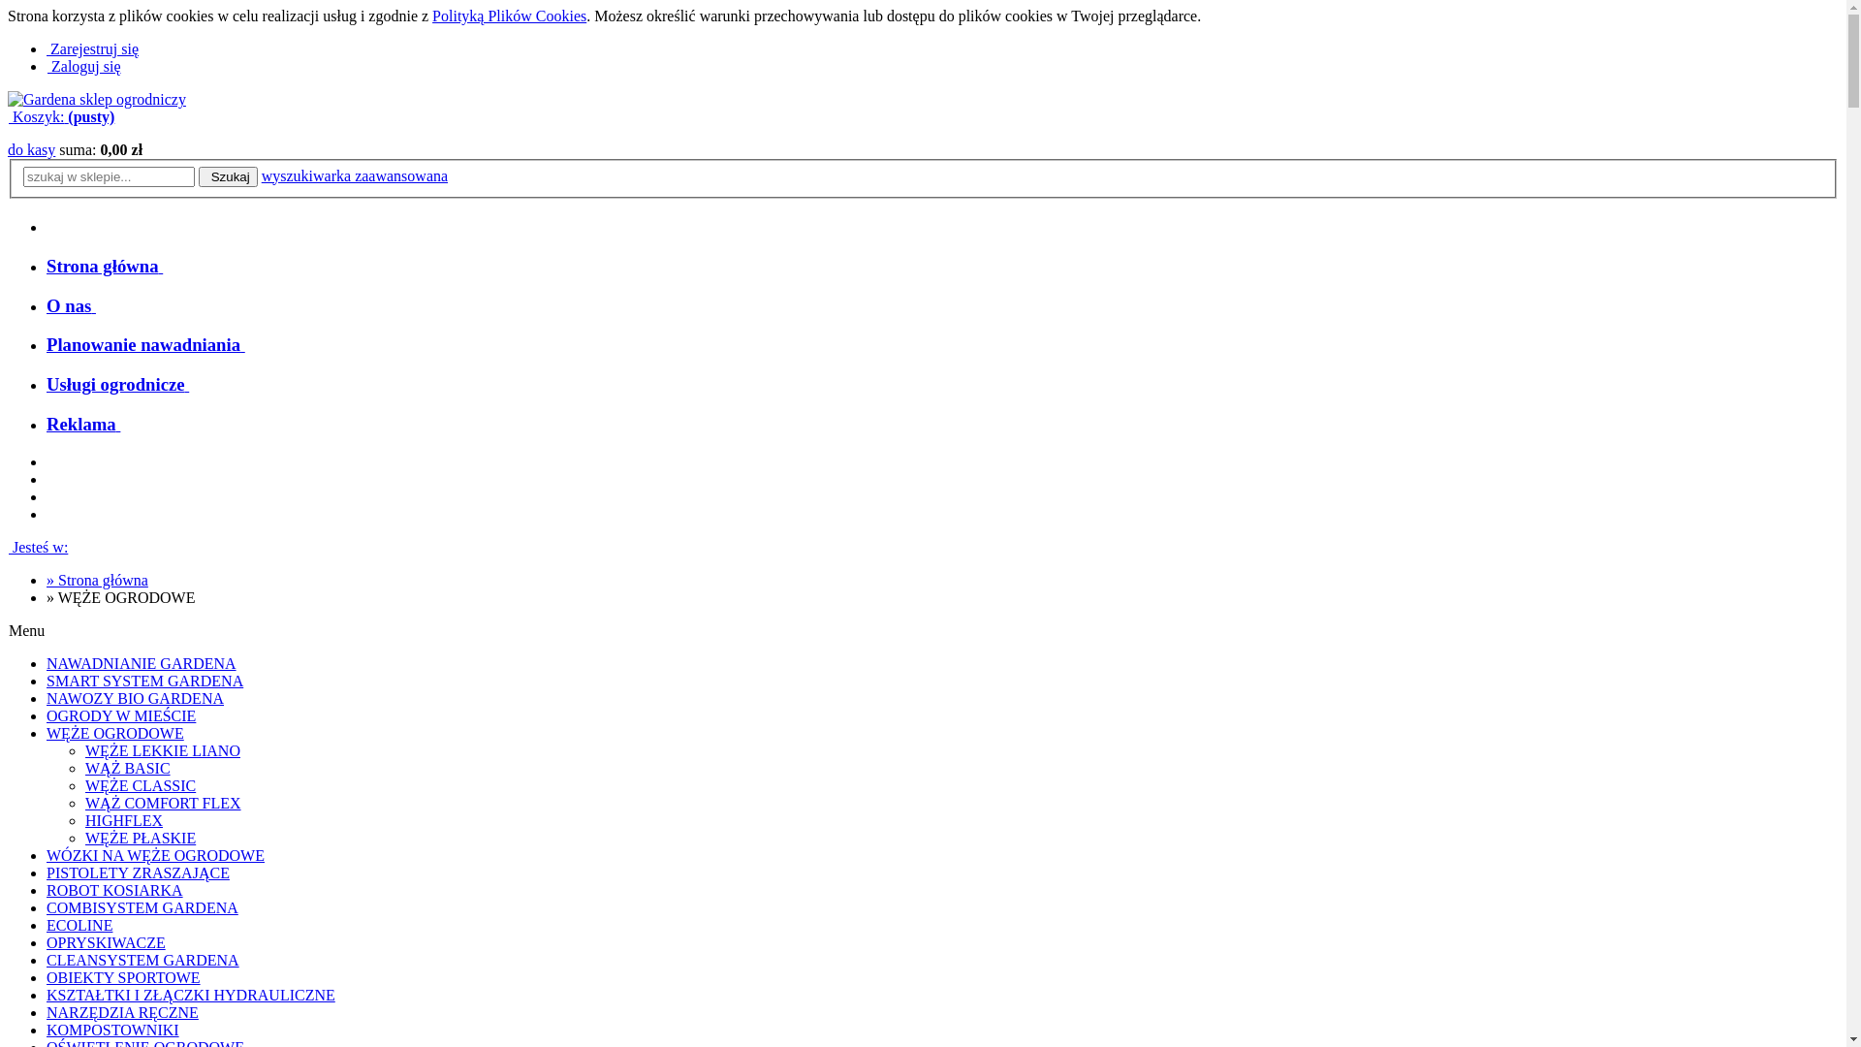 This screenshot has height=1047, width=1861. Describe the element at coordinates (143, 680) in the screenshot. I see `'SMART SYSTEM GARDENA'` at that location.